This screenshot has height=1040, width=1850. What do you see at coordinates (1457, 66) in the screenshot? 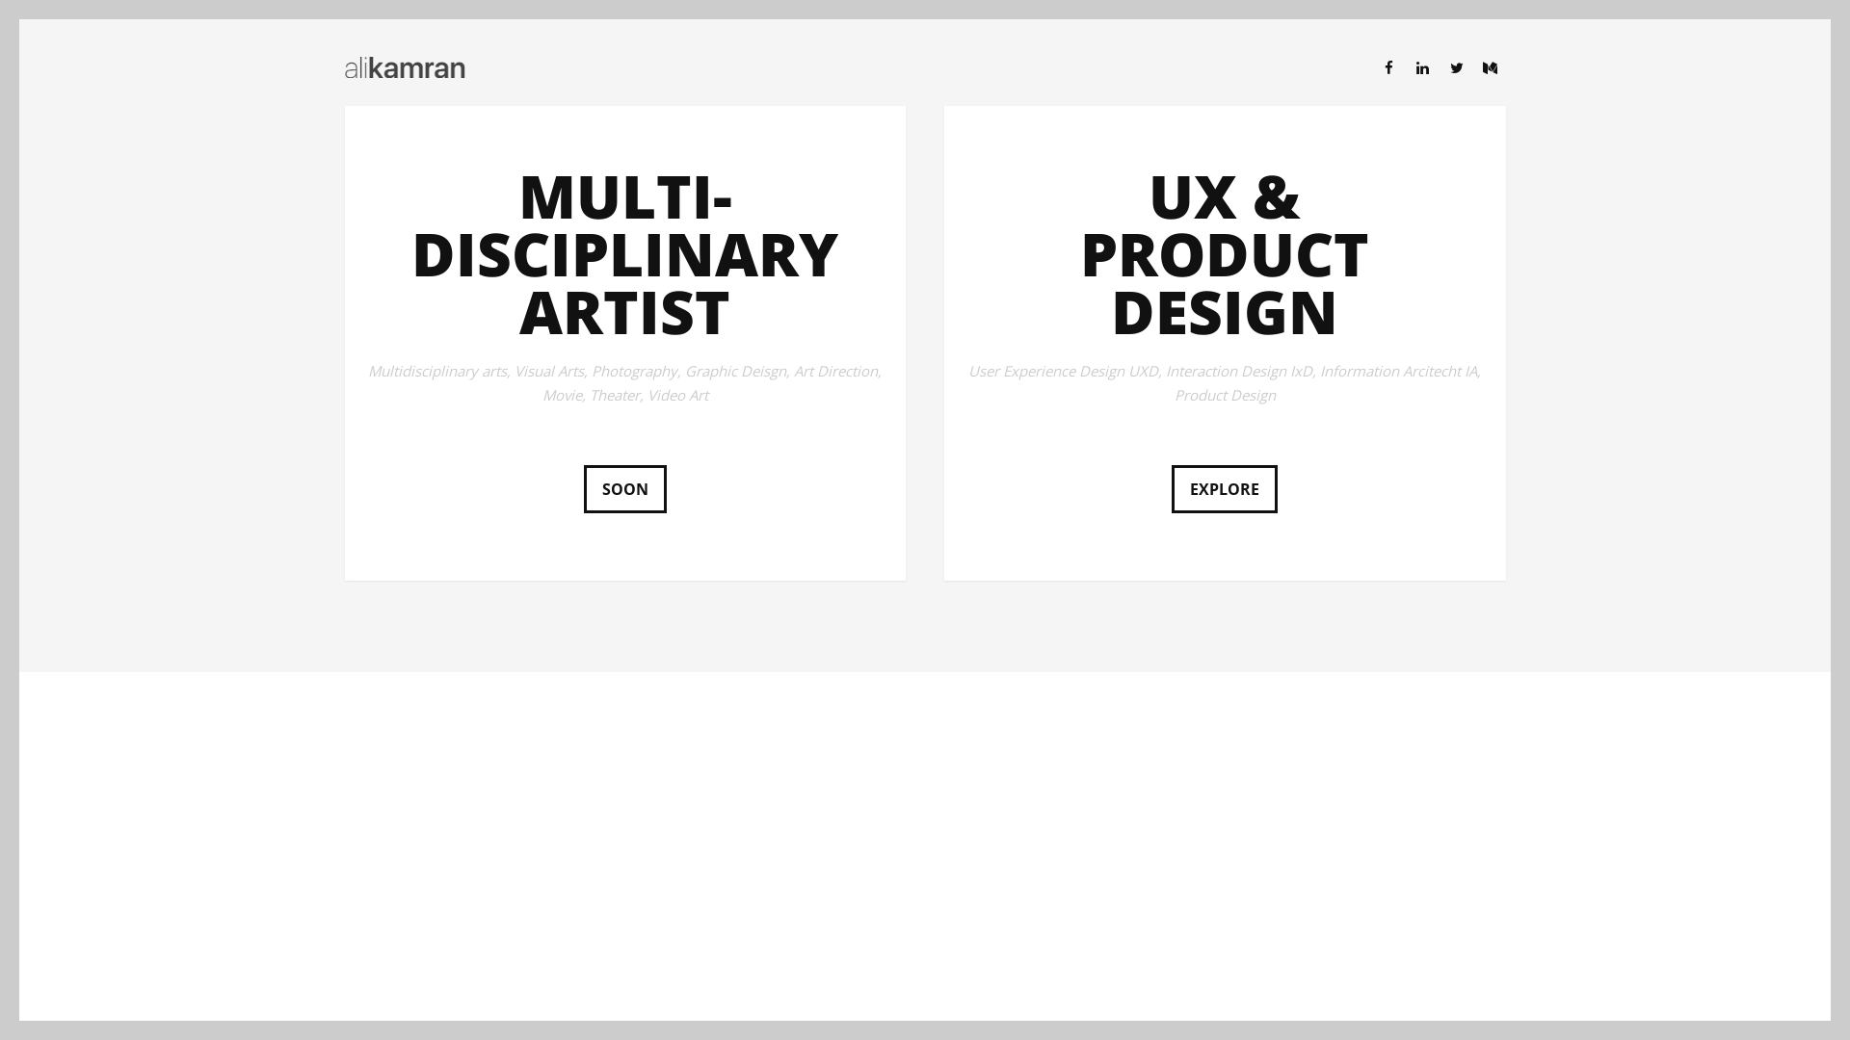
I see `'Twitter'` at bounding box center [1457, 66].